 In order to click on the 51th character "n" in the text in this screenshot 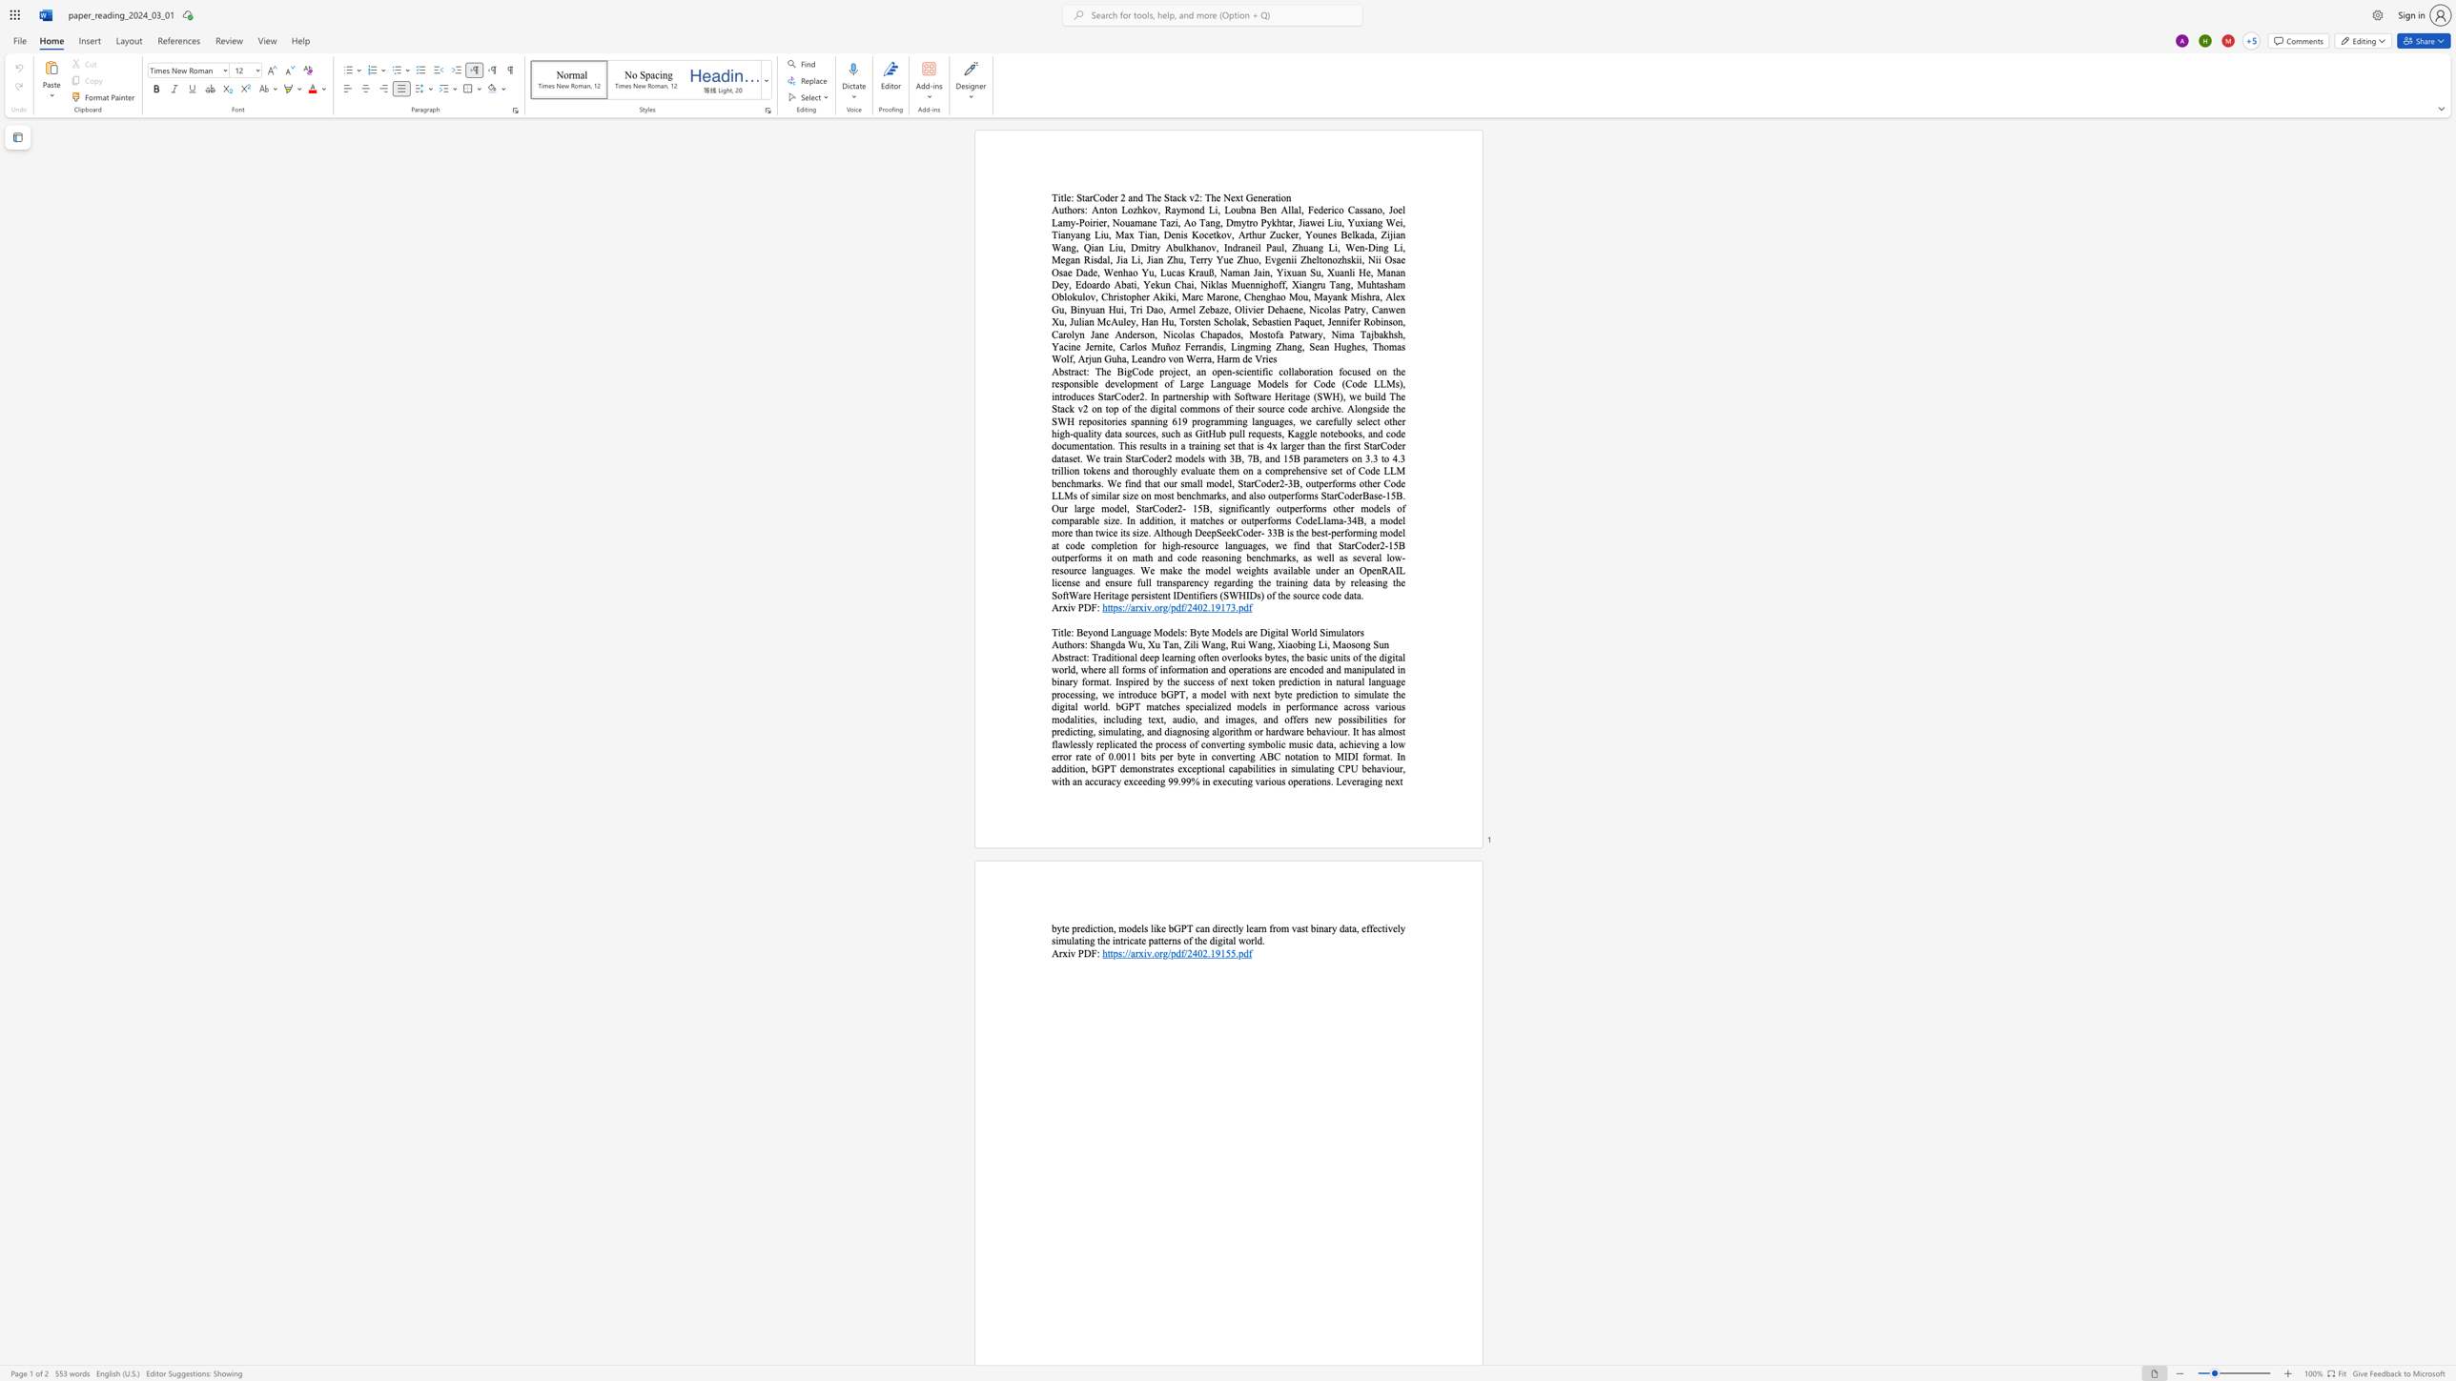, I will do `click(1287, 320)`.